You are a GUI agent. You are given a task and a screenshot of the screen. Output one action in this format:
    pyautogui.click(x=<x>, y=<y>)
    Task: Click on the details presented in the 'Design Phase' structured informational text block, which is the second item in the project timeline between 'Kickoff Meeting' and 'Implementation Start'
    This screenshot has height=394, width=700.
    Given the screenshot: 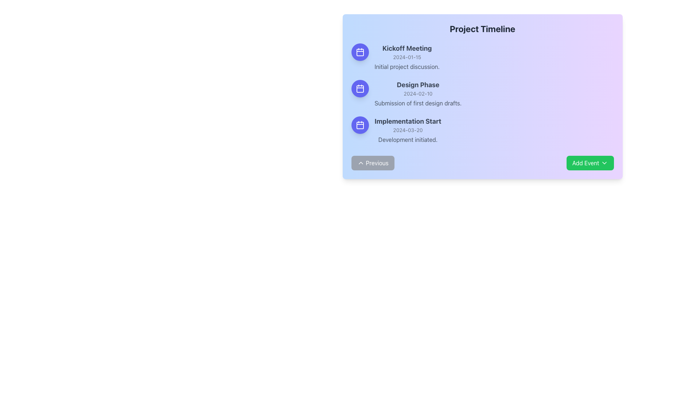 What is the action you would take?
    pyautogui.click(x=418, y=93)
    